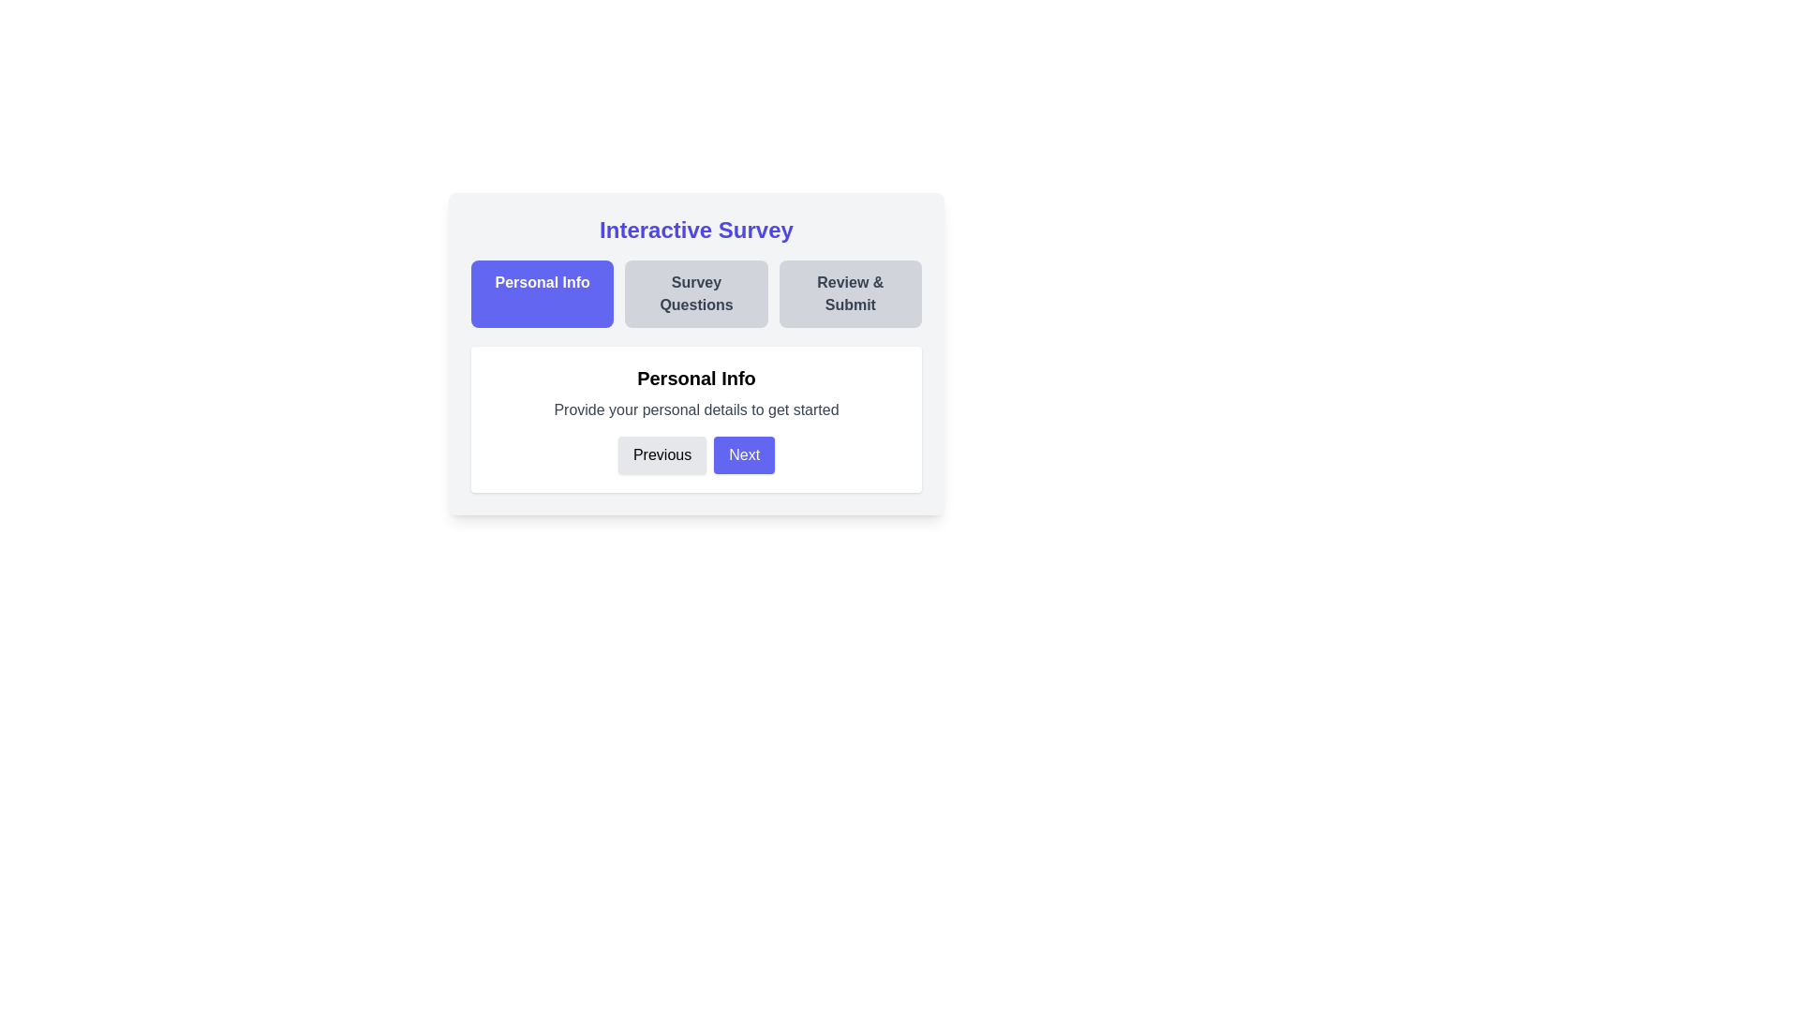  I want to click on the step title Review & Submit to navigate to the corresponding step, so click(849, 293).